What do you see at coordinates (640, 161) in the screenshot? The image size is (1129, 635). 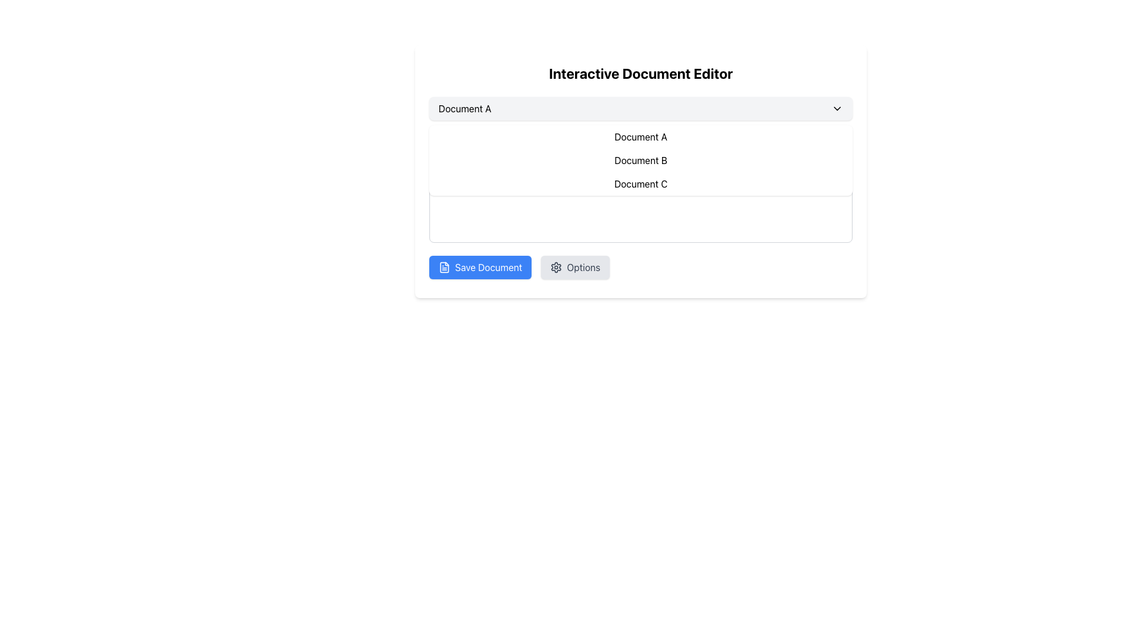 I see `the text item labeled 'Document B'` at bounding box center [640, 161].